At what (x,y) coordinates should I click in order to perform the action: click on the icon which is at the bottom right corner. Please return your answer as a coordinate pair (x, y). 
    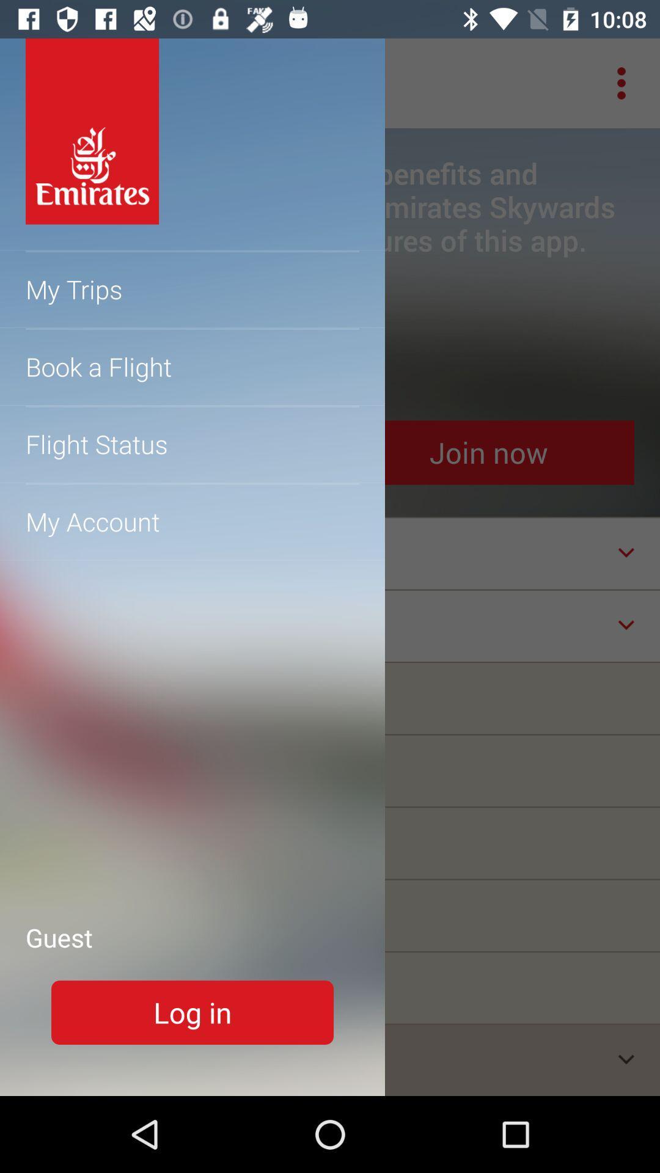
    Looking at the image, I should click on (626, 1059).